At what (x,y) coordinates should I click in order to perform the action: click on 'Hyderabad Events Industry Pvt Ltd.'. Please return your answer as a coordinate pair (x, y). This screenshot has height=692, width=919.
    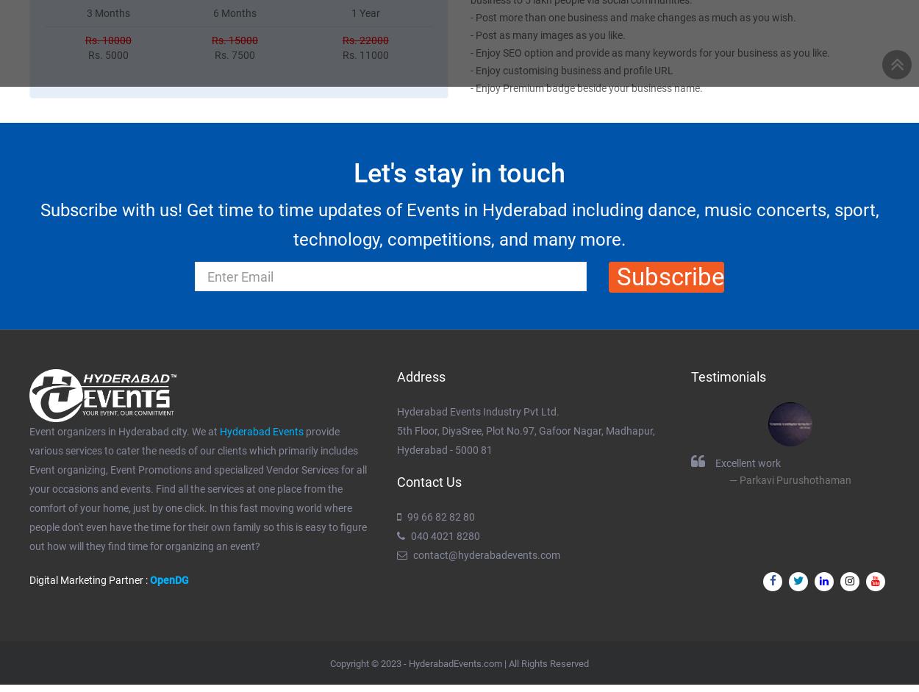
    Looking at the image, I should click on (397, 410).